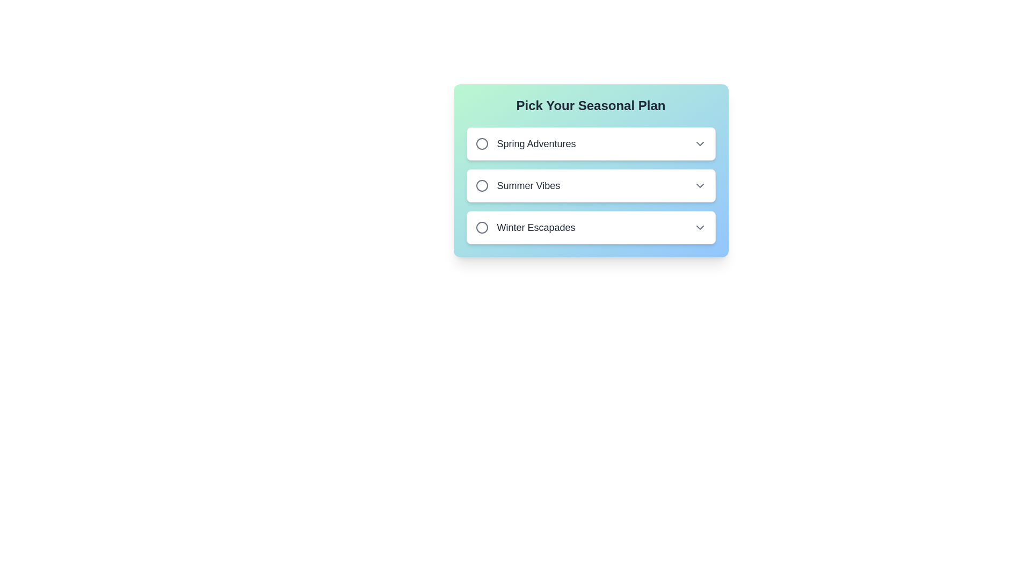 Image resolution: width=1031 pixels, height=580 pixels. What do you see at coordinates (481, 227) in the screenshot?
I see `the keyboard navigation on the circular radio button indicator located to the left of the text 'Winter Escapades' in the 'Pick Your Seasonal Plan' section` at bounding box center [481, 227].